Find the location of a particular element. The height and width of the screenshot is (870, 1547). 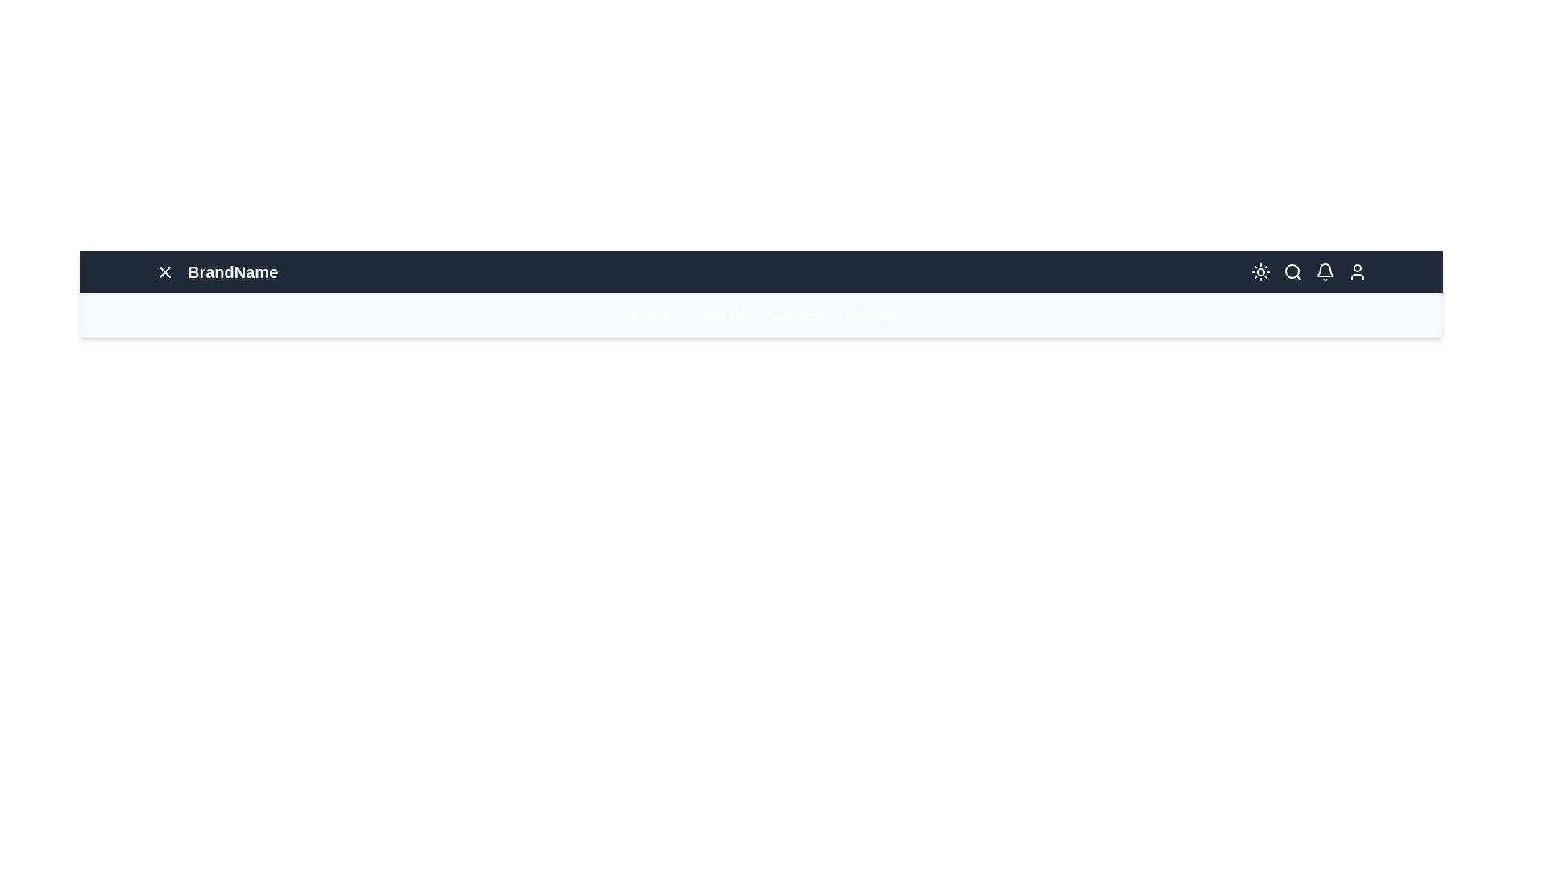

the Bell icon in the navigation bar is located at coordinates (1325, 271).